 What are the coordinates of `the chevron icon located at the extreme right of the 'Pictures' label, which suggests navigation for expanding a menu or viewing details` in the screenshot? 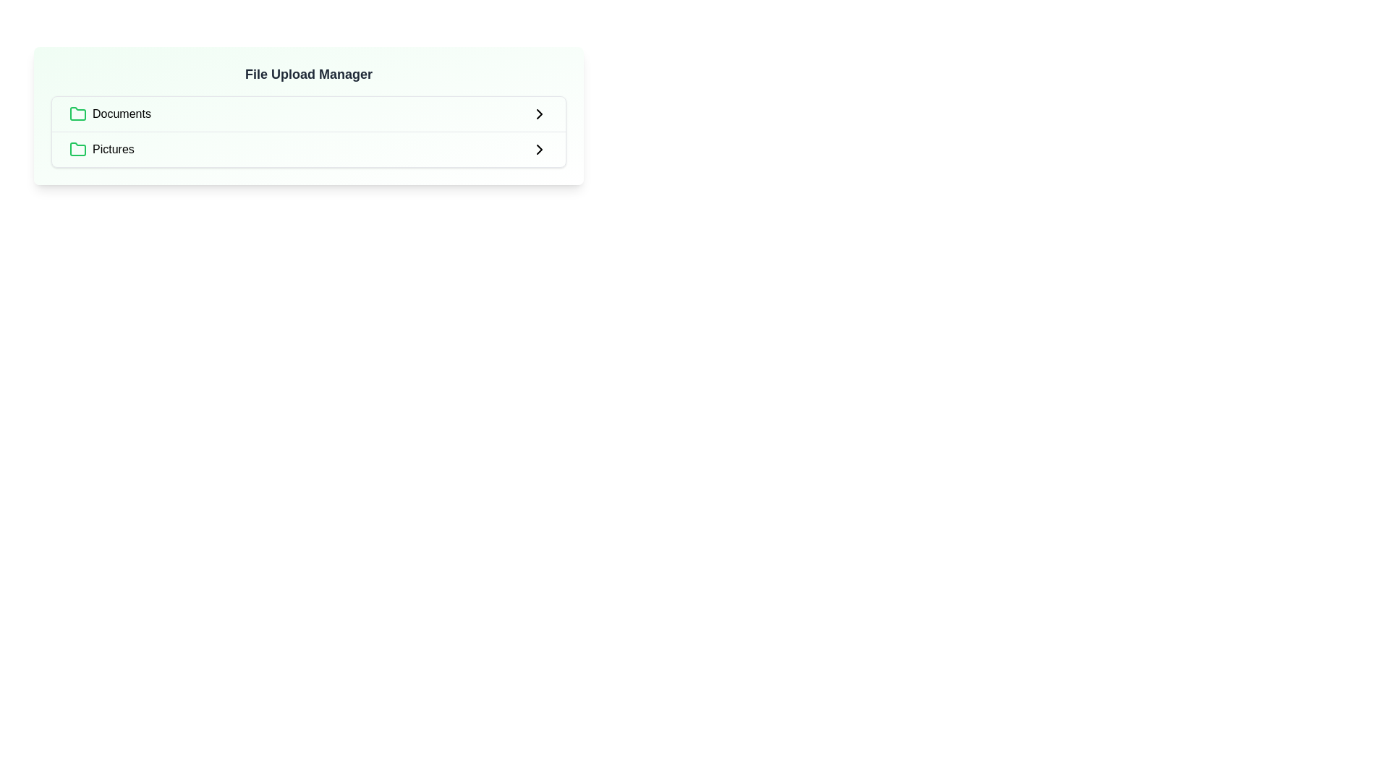 It's located at (538, 150).